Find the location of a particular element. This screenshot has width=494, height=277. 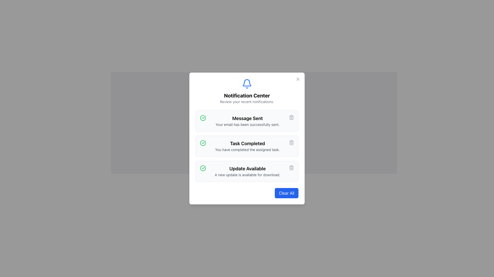

the lower part of the bell icon, specifically the curve at the bottom, which is centrally located at the top of the notification panel is located at coordinates (247, 82).